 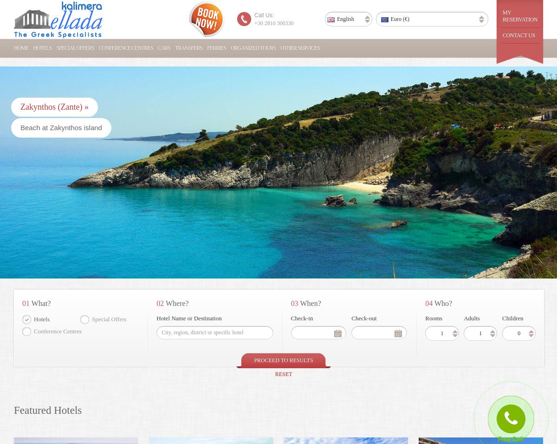 What do you see at coordinates (266, 127) in the screenshot?
I see `'Limnos island'` at bounding box center [266, 127].